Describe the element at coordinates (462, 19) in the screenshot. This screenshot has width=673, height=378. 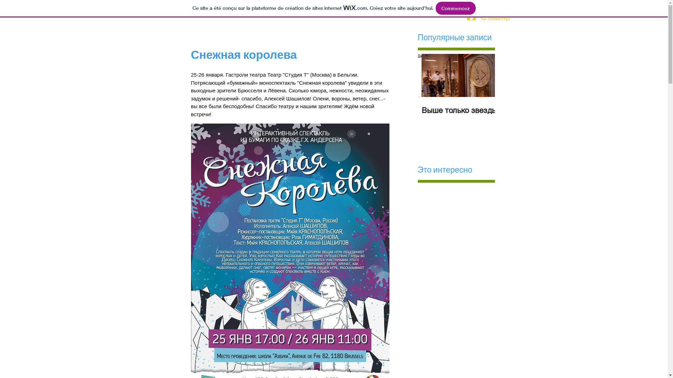
I see `'Se connecter'` at that location.